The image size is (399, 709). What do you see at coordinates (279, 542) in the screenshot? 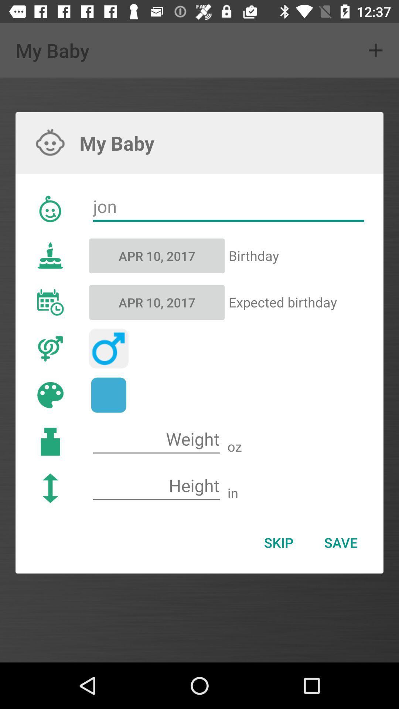
I see `icon next to the save` at bounding box center [279, 542].